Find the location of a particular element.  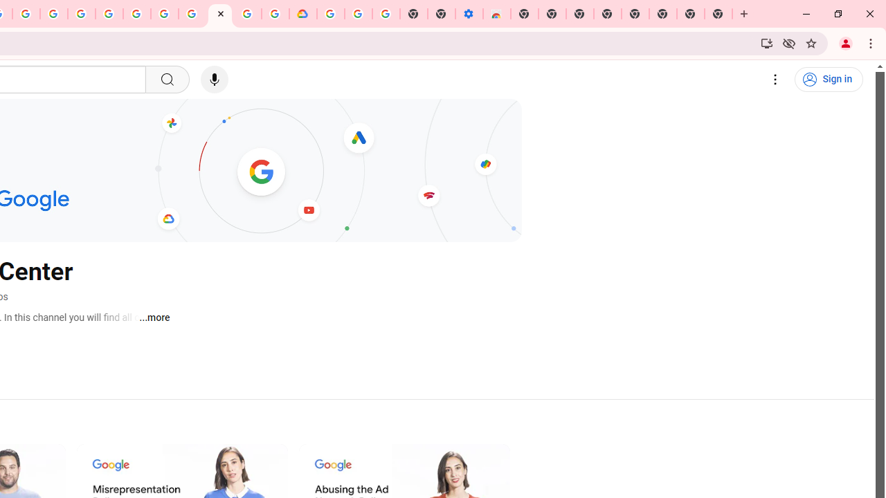

'Settings' is located at coordinates (775, 80).